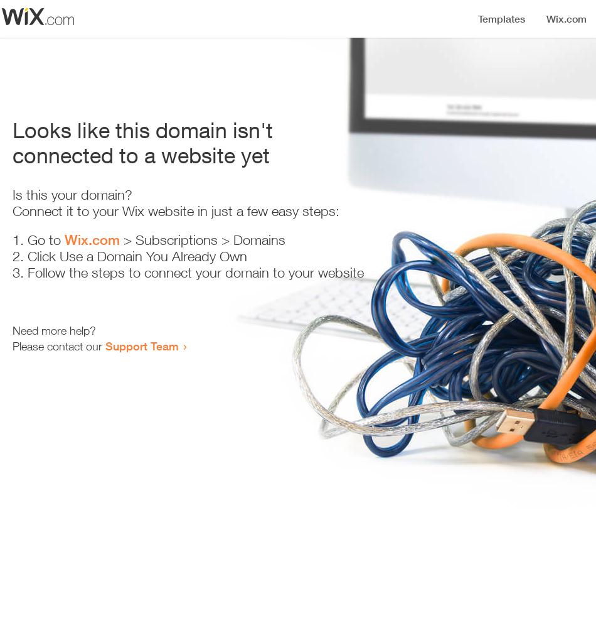  I want to click on 'Is this your domain?', so click(13, 195).